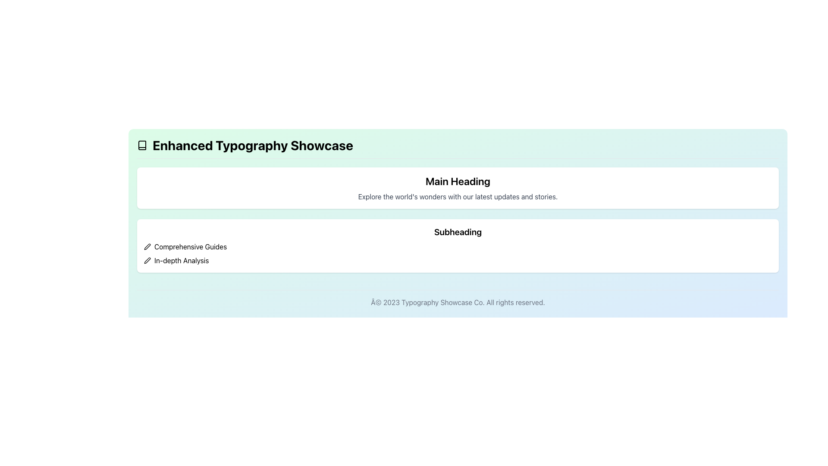 The image size is (828, 466). What do you see at coordinates (457, 196) in the screenshot?
I see `the descriptive text element that reads 'Explore the world's wonders with our latest updates and stories.', which is styled in light gray and positioned below the bold header 'Main Heading'` at bounding box center [457, 196].